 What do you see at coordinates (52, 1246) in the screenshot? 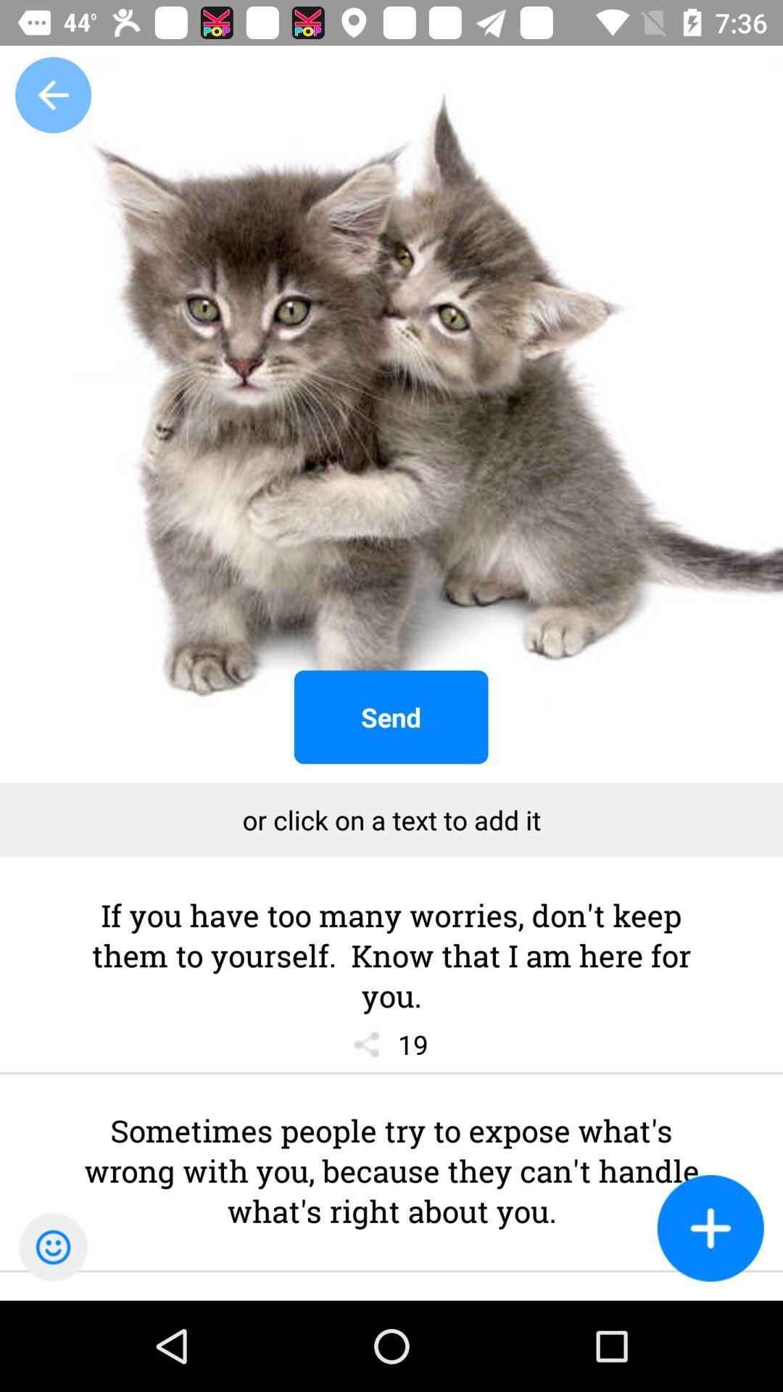
I see `the emoji icon` at bounding box center [52, 1246].